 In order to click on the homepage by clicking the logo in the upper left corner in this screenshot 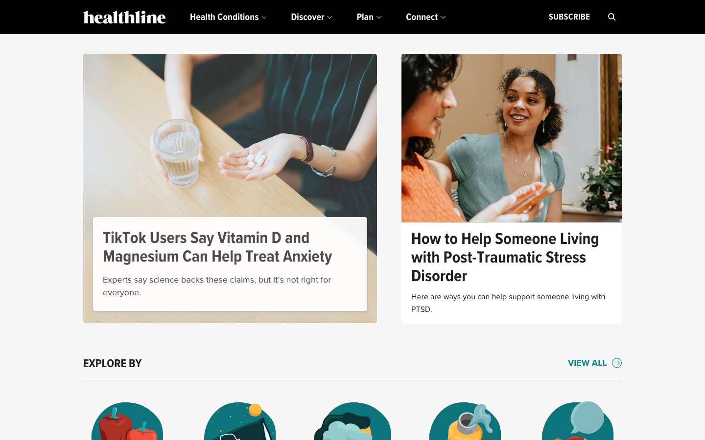, I will do `click(124, 17)`.